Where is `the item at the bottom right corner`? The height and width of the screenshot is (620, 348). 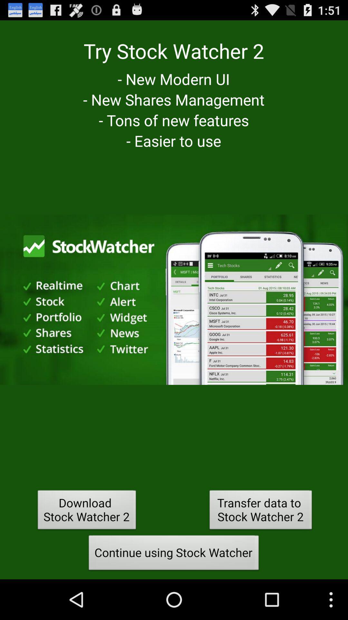 the item at the bottom right corner is located at coordinates (260, 511).